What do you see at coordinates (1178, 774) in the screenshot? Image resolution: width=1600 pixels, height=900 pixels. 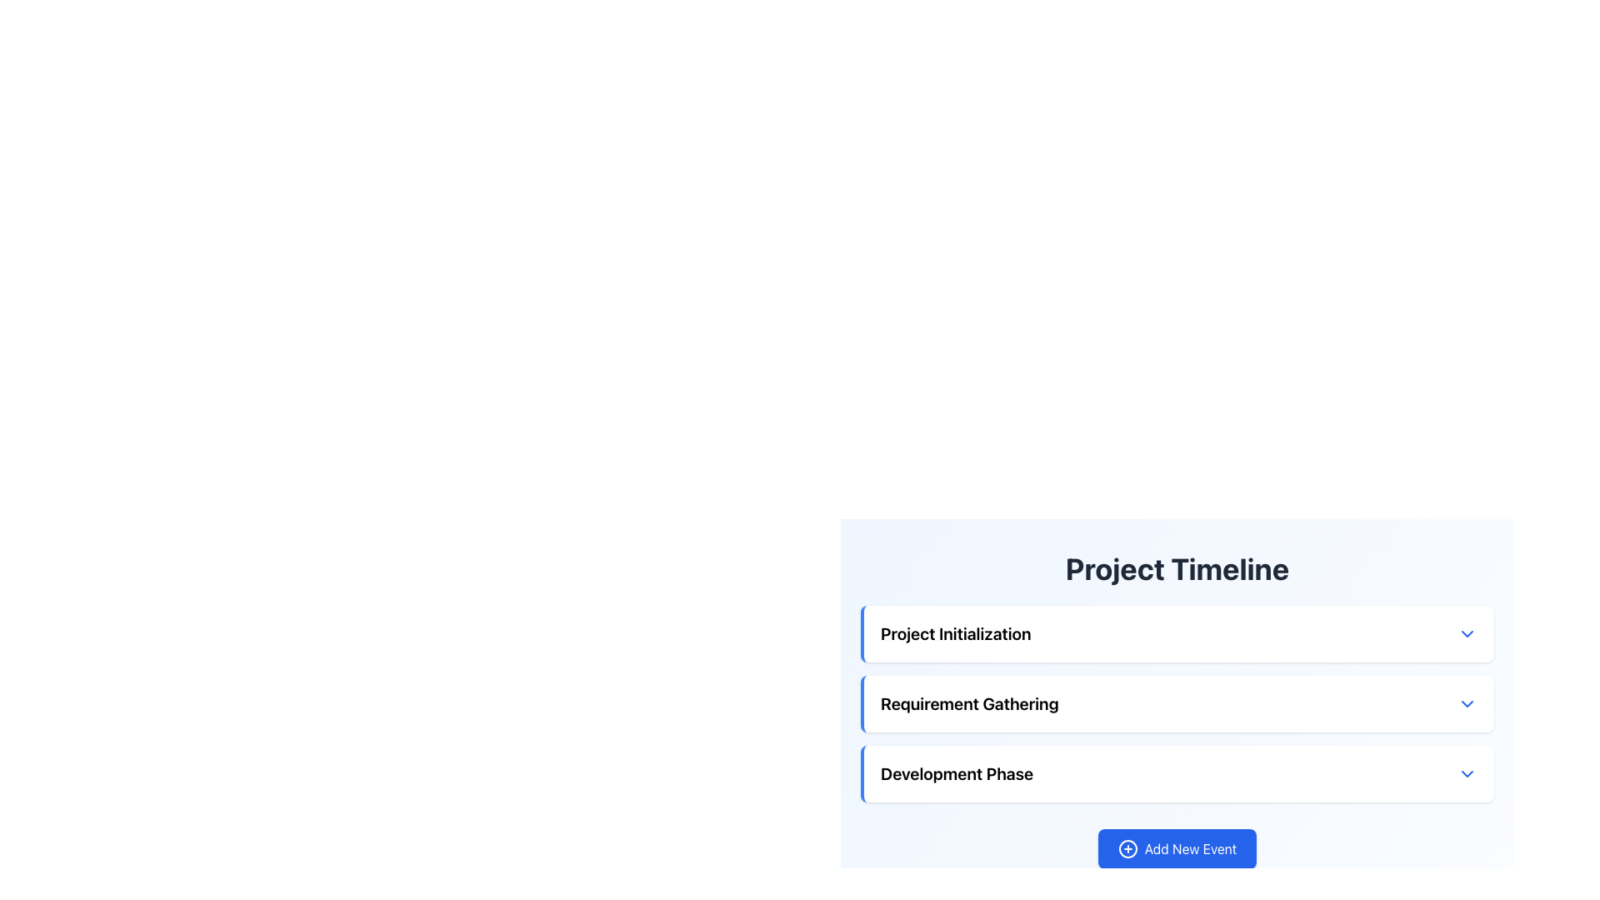 I see `the 'Development Phase' Collapsible List Item element, which is the third item in a vertical list under 'Project Timeline' and features a blue downward-pointing arrow` at bounding box center [1178, 774].